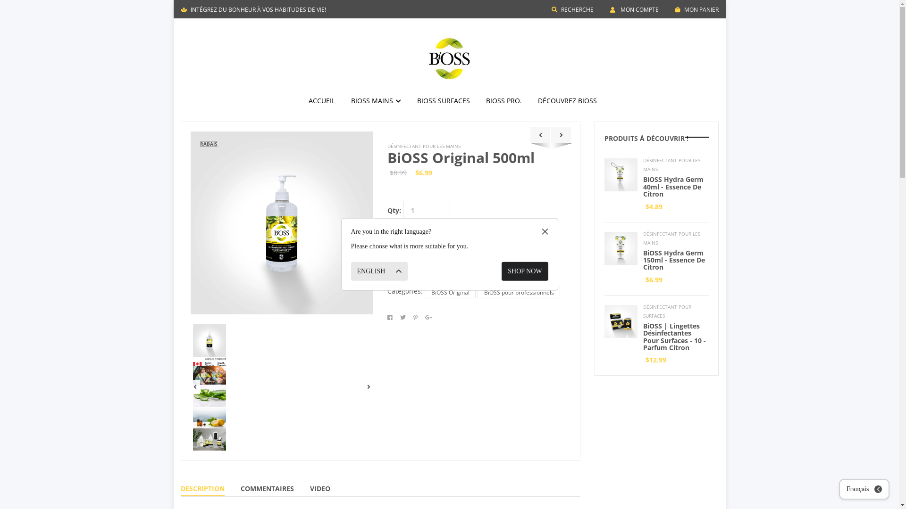  What do you see at coordinates (696, 9) in the screenshot?
I see `'MON PANIER'` at bounding box center [696, 9].